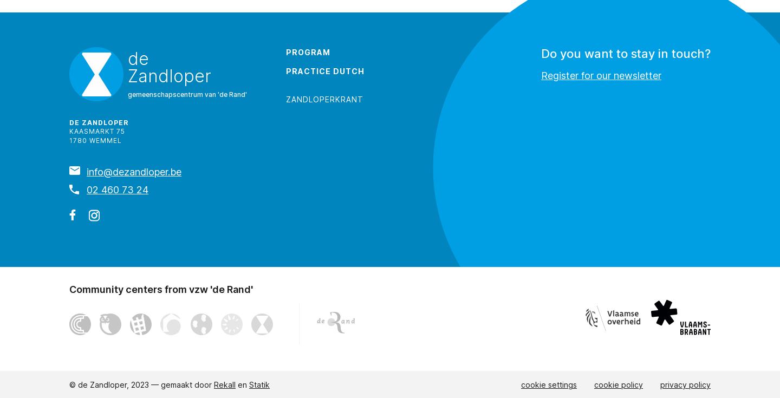 The image size is (780, 398). What do you see at coordinates (685, 384) in the screenshot?
I see `'privacy policy'` at bounding box center [685, 384].